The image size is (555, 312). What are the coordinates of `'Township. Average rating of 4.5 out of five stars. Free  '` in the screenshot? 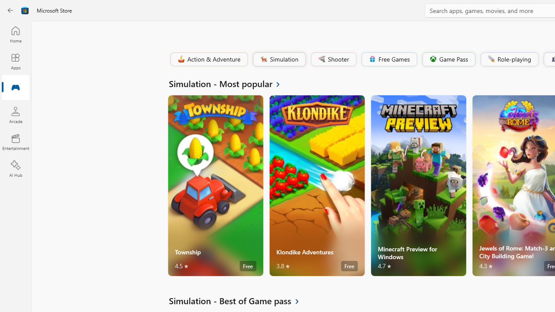 It's located at (215, 185).